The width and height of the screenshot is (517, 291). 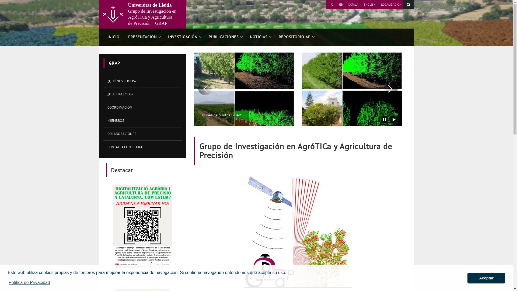 I want to click on 'CONTACTA CON EL GRAP', so click(x=142, y=147).